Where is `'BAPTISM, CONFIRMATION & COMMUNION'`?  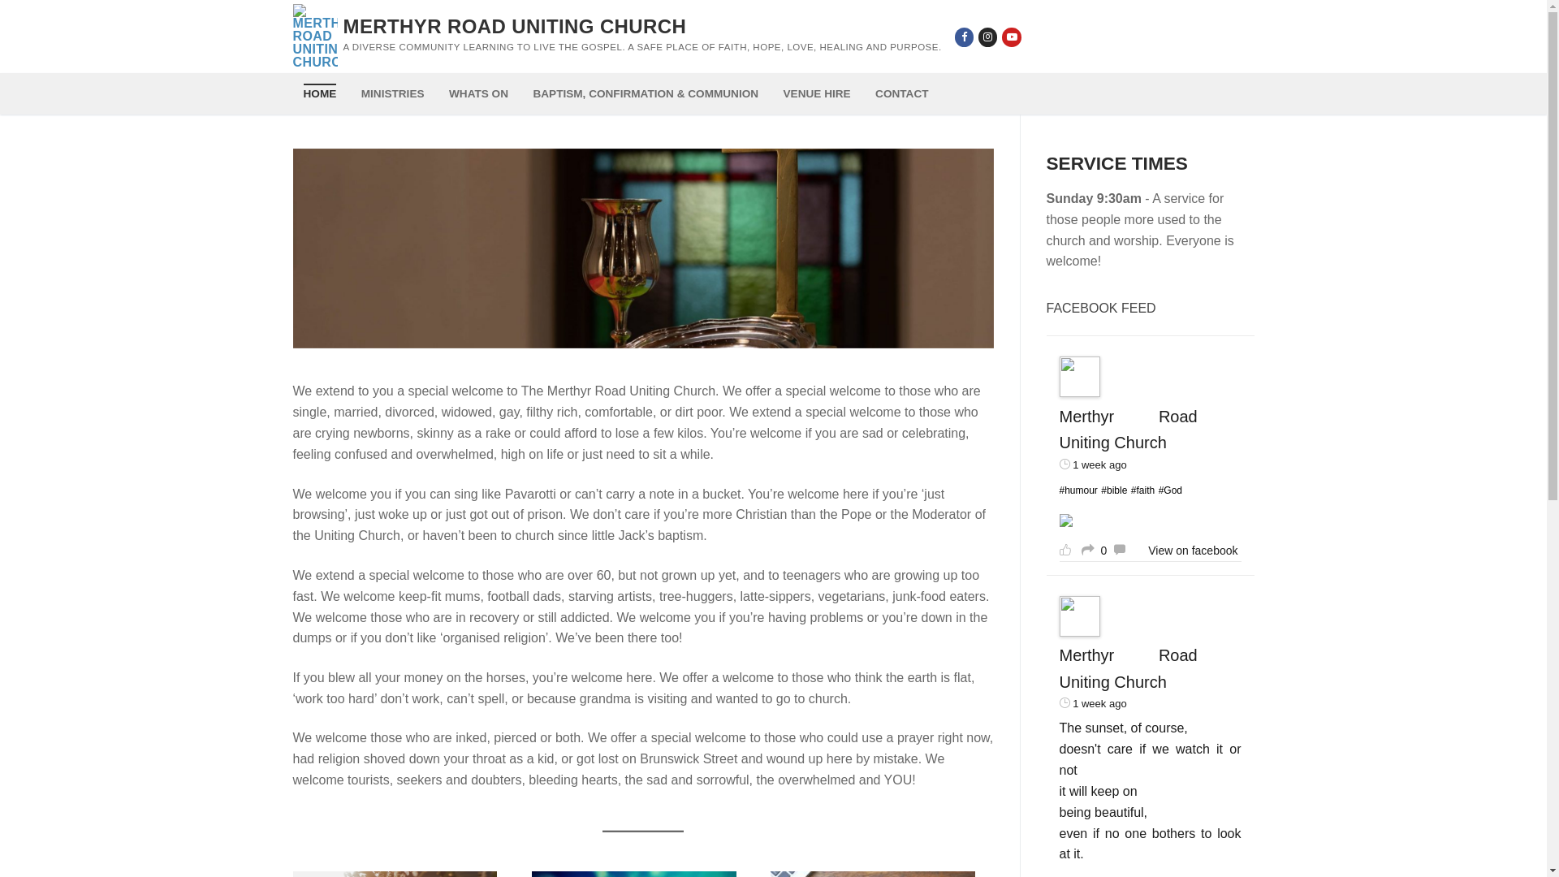 'BAPTISM, CONFIRMATION & COMMUNION' is located at coordinates (645, 93).